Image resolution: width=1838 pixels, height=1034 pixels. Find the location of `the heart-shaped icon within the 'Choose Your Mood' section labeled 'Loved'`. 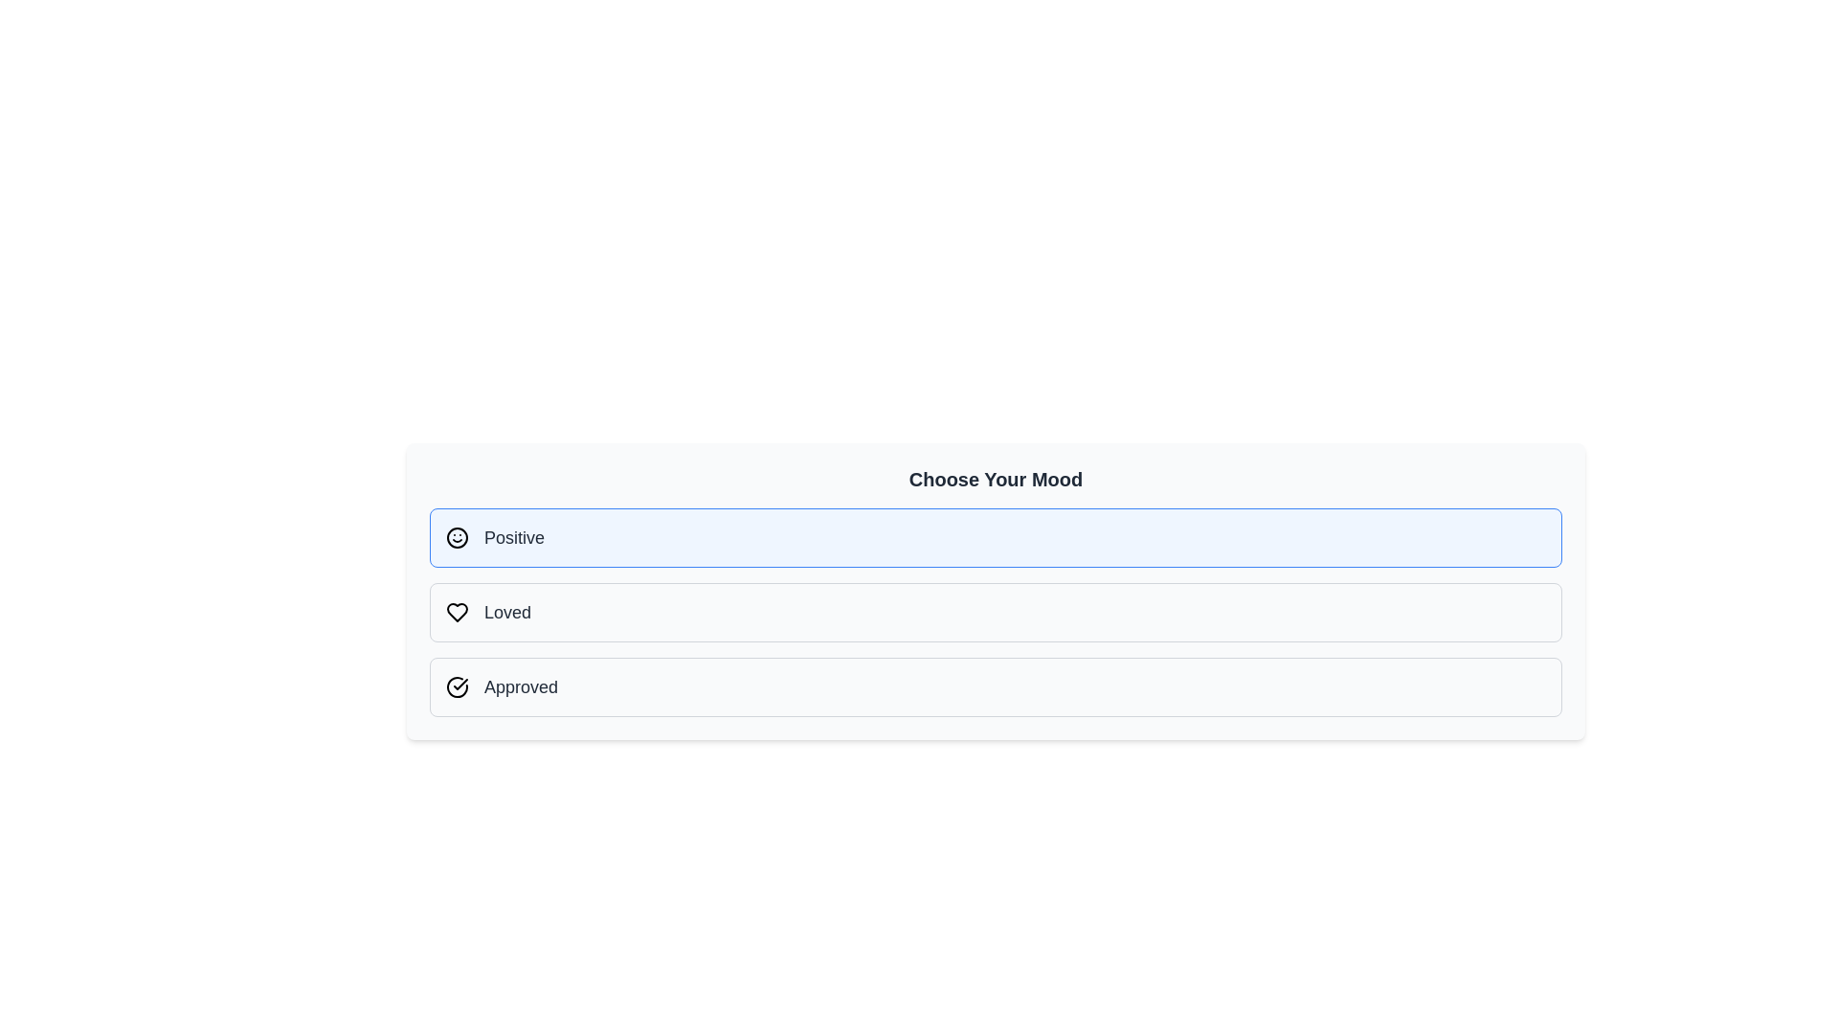

the heart-shaped icon within the 'Choose Your Mood' section labeled 'Loved' is located at coordinates (457, 613).